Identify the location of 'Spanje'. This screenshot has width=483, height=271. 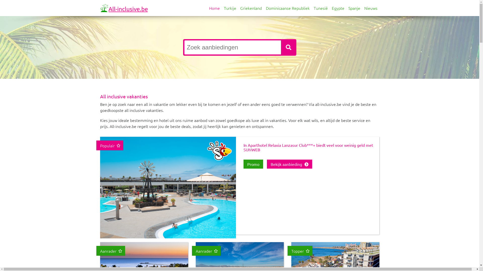
(354, 8).